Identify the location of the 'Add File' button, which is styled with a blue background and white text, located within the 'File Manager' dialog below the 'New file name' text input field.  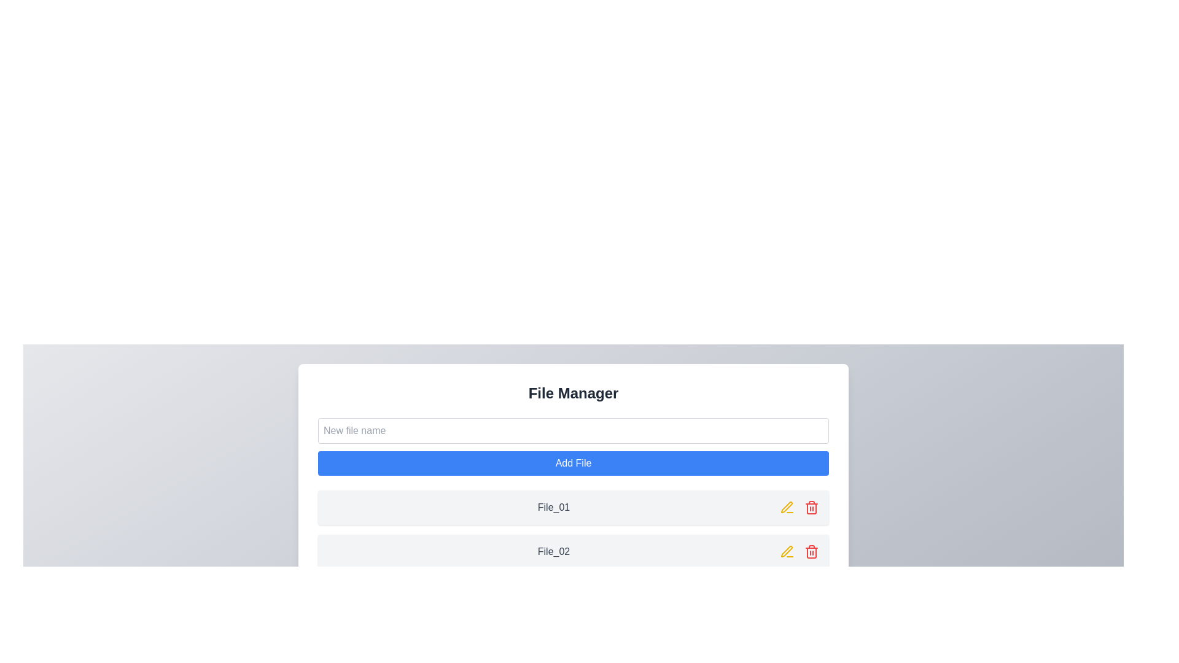
(573, 447).